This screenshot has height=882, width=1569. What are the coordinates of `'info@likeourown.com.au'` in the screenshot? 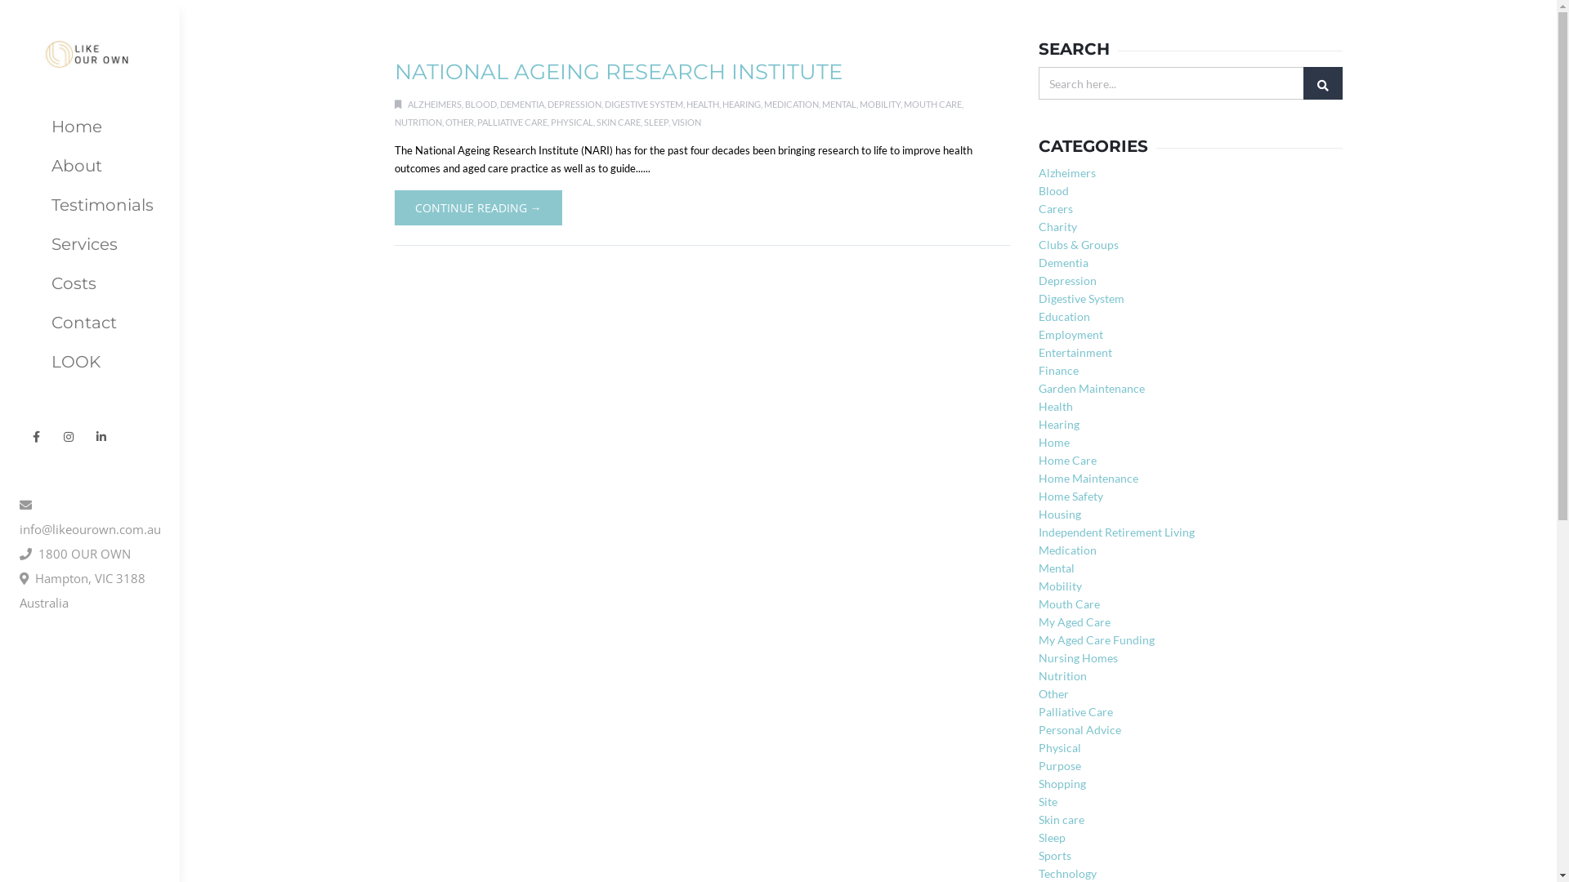 It's located at (20, 516).